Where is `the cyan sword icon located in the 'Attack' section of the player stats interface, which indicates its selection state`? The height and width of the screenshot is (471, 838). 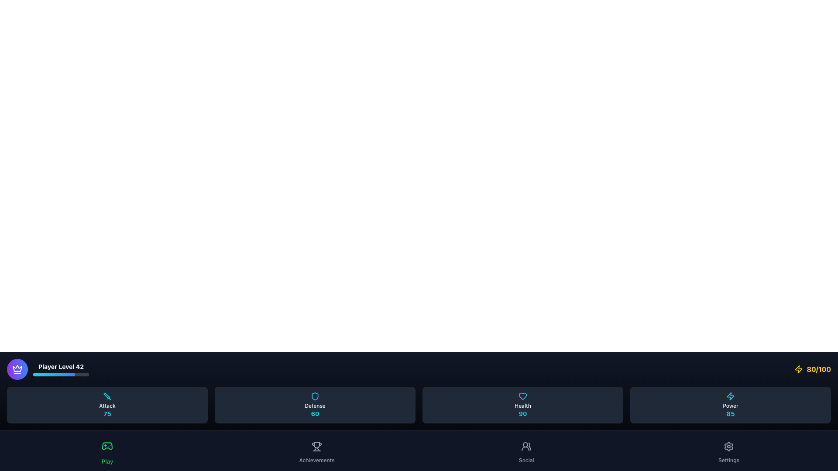 the cyan sword icon located in the 'Attack' section of the player stats interface, which indicates its selection state is located at coordinates (106, 396).